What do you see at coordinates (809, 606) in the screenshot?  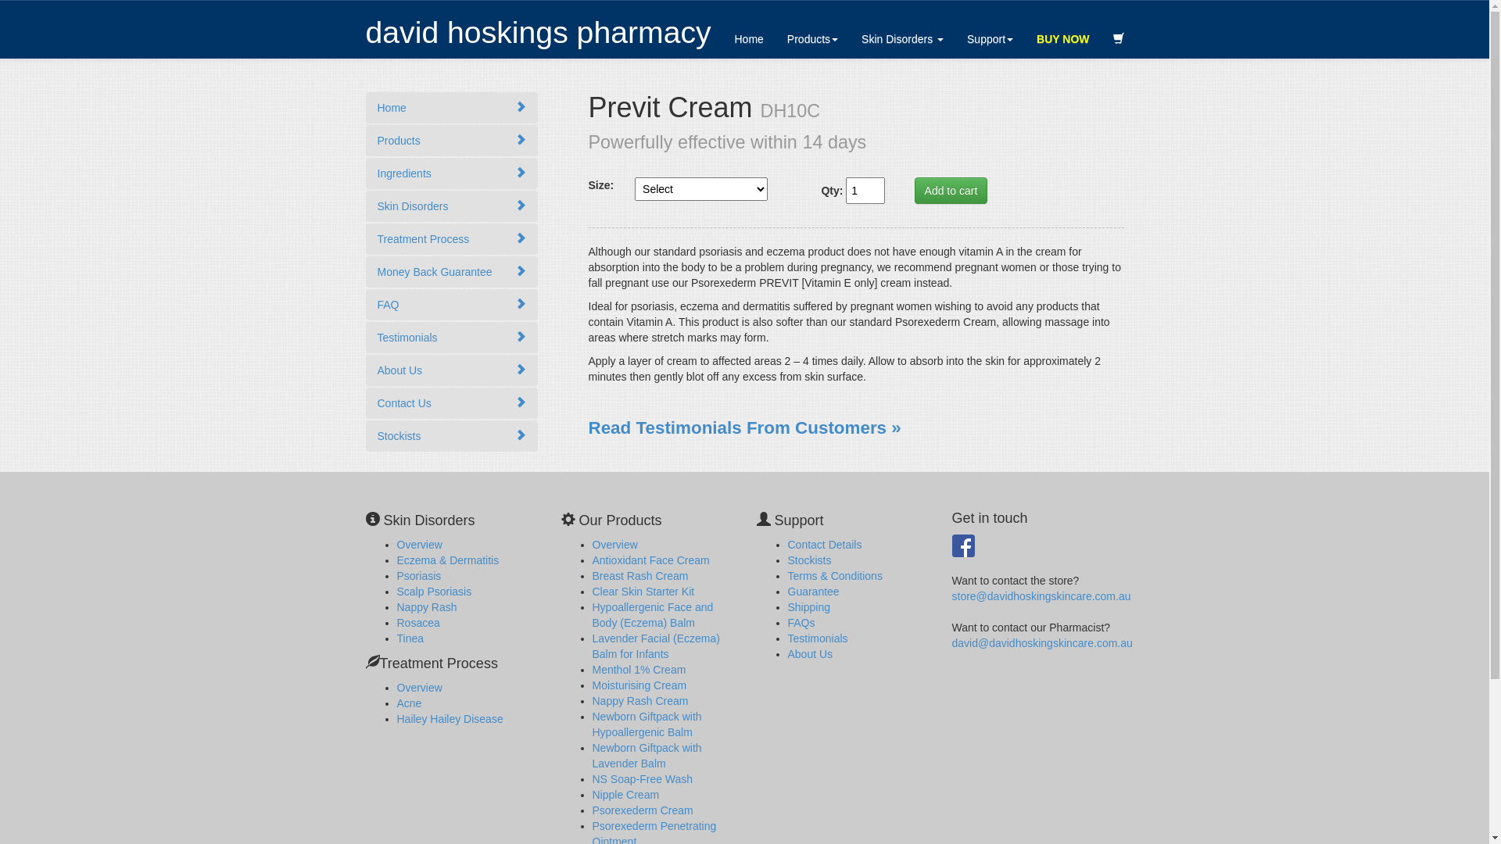 I see `'Shipping'` at bounding box center [809, 606].